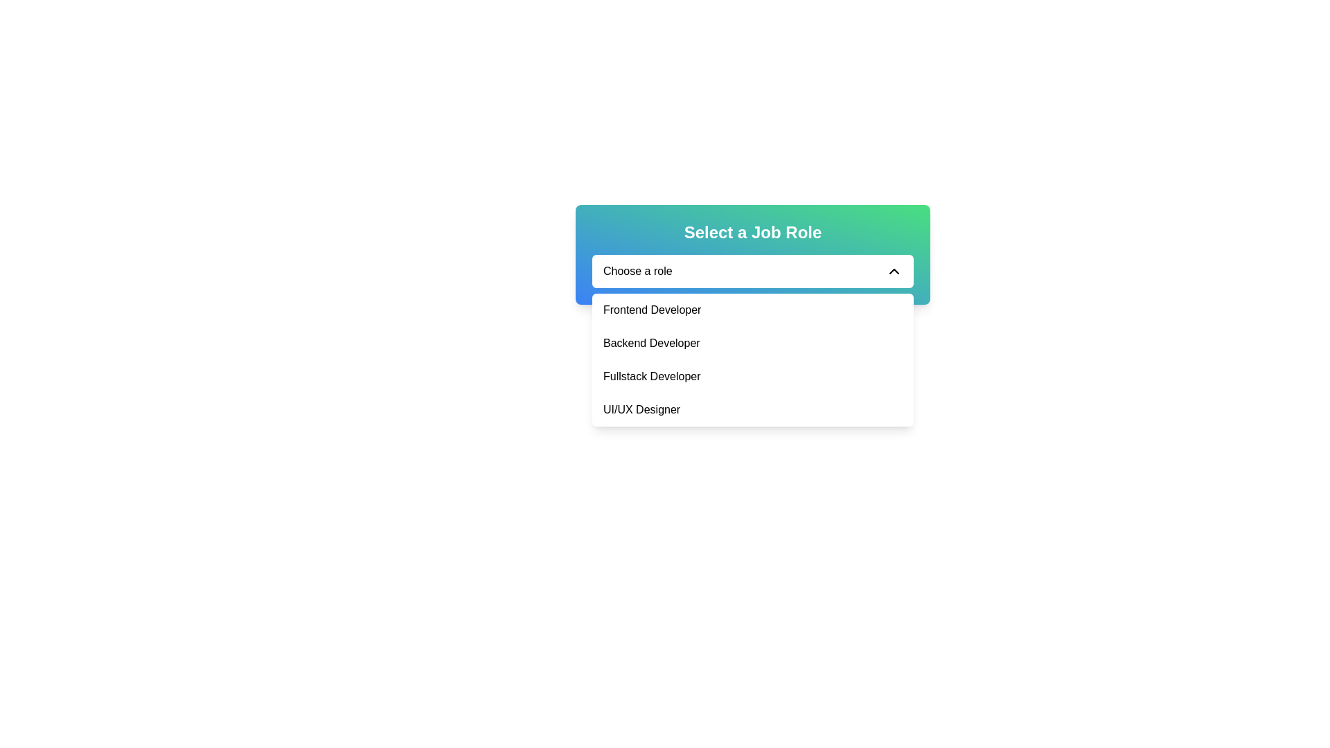  I want to click on outside the 'Choose a role' dropdown menu, so click(752, 271).